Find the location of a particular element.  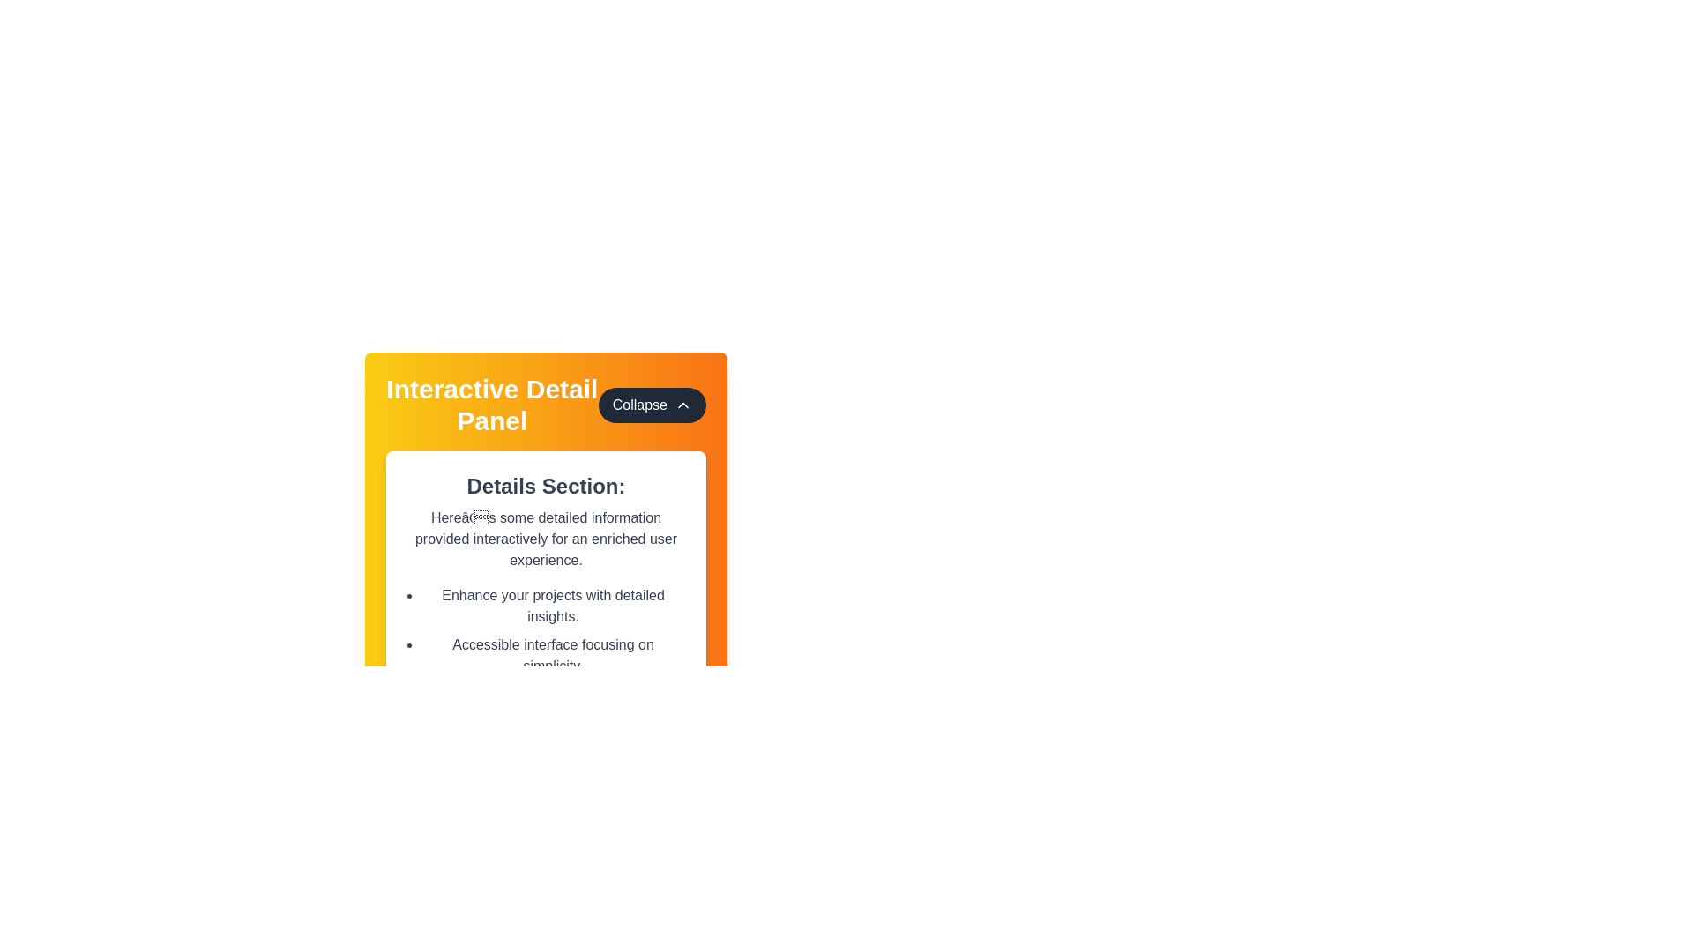

the button located at the top-right corner of the 'Interactive Detail Panel' is located at coordinates (651, 405).